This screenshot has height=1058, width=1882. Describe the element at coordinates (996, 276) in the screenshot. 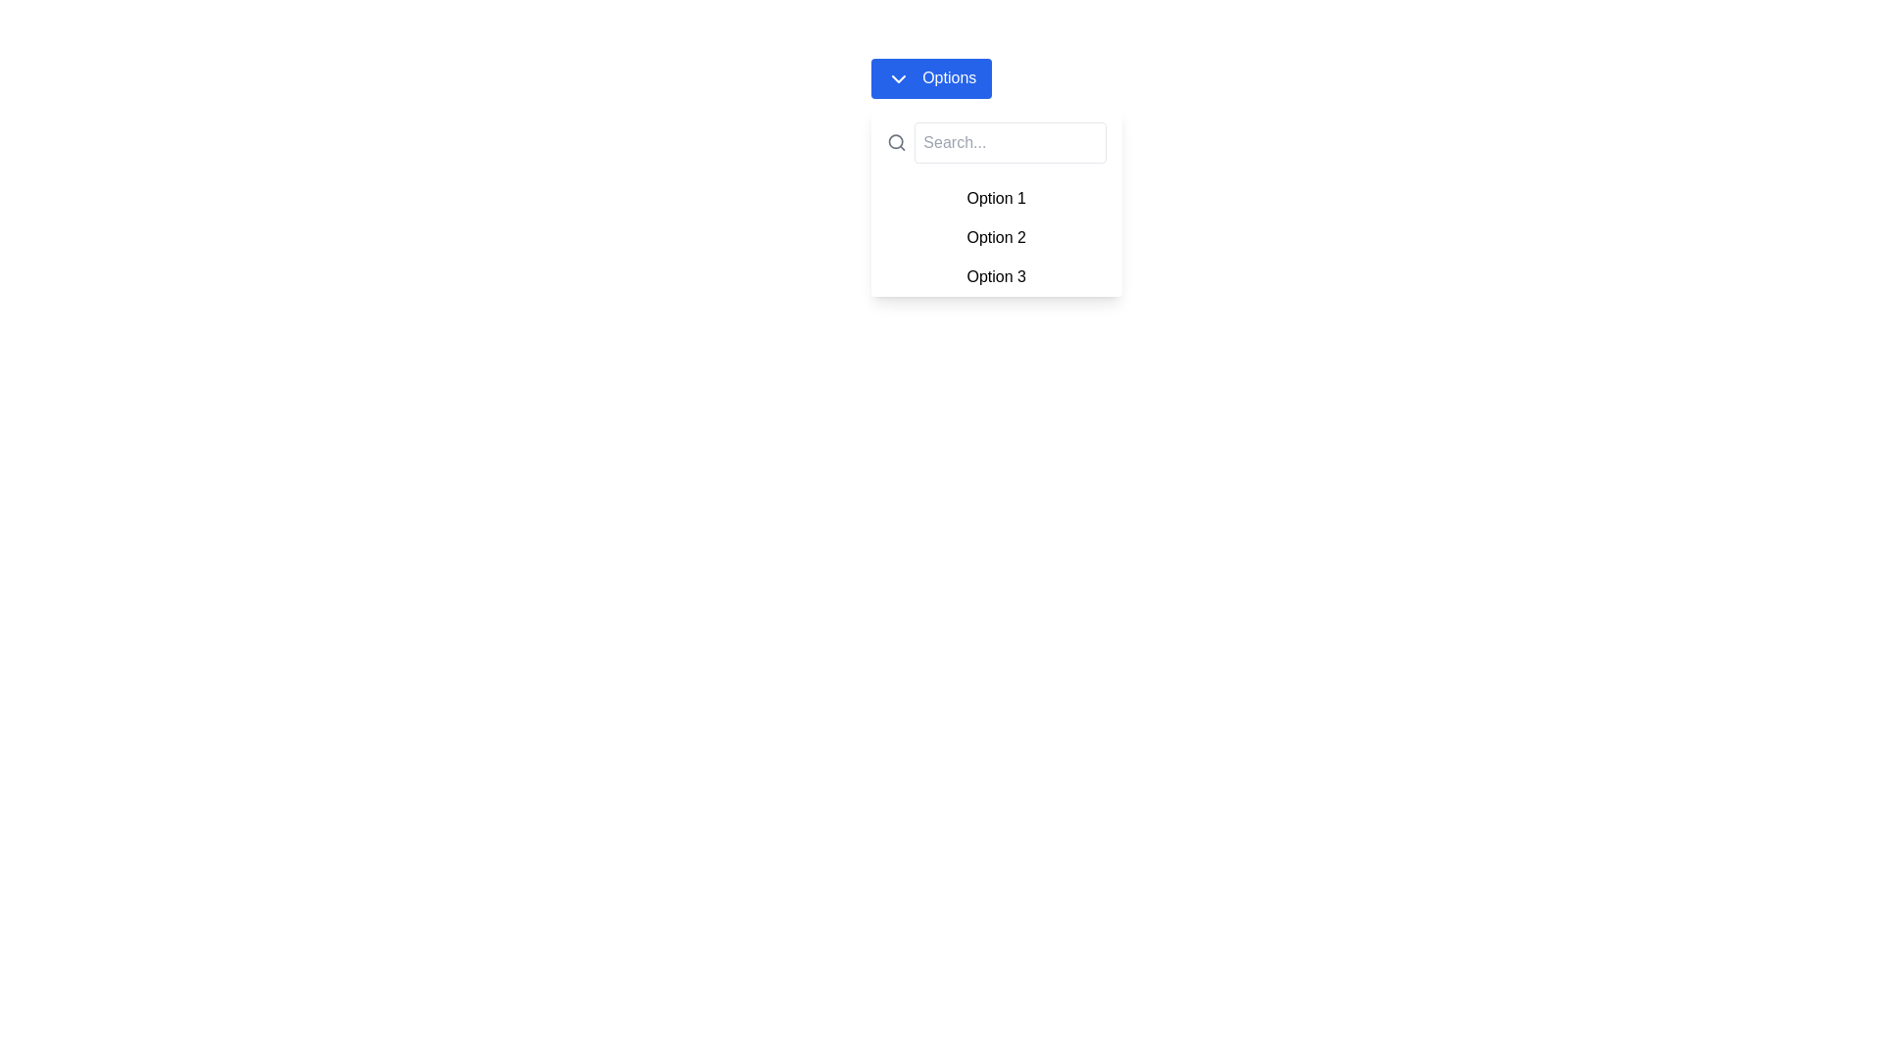

I see `the Dropdown Menu Option labeled 'Option 3'` at that location.